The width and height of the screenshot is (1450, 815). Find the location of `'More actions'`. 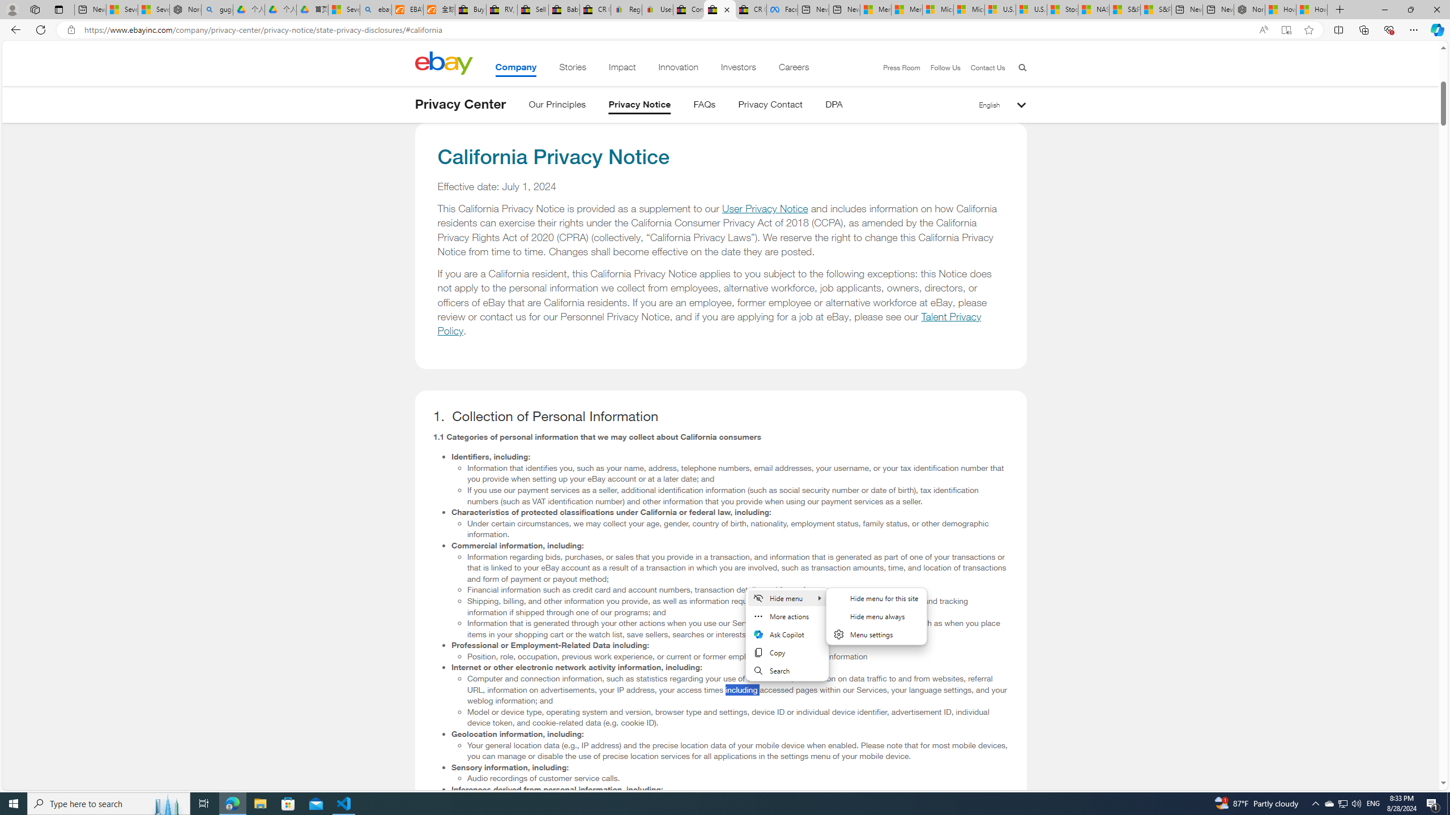

'More actions' is located at coordinates (786, 615).